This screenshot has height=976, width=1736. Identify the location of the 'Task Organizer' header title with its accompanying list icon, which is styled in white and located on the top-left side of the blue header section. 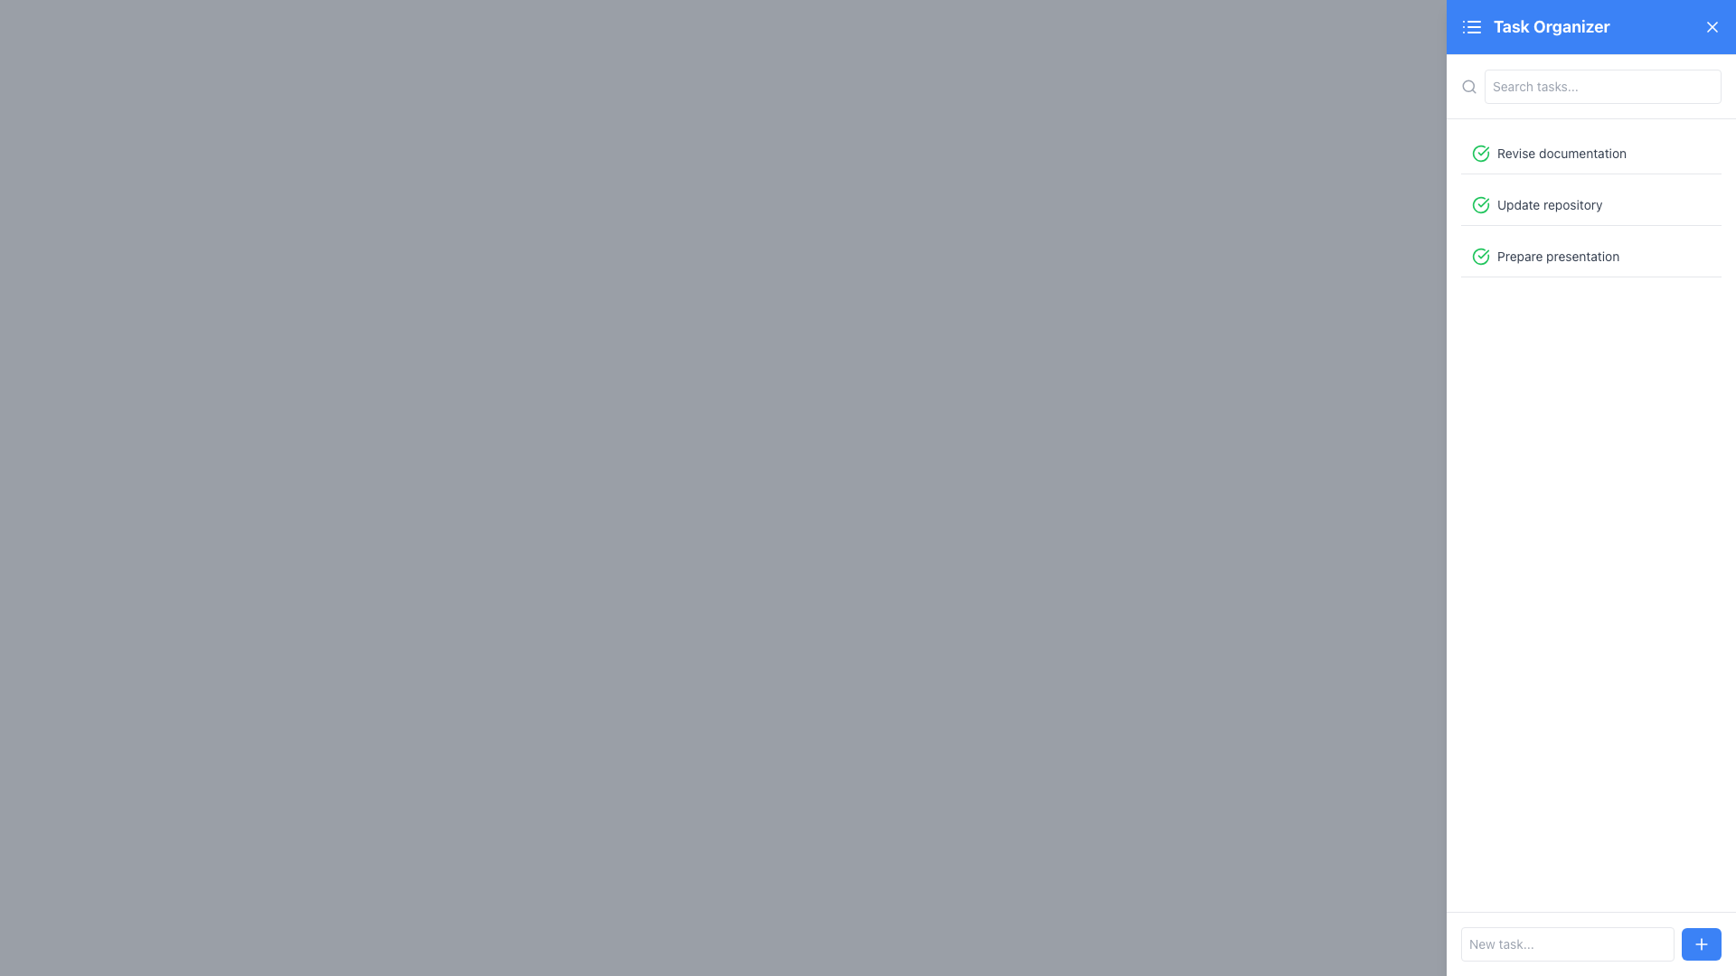
(1534, 27).